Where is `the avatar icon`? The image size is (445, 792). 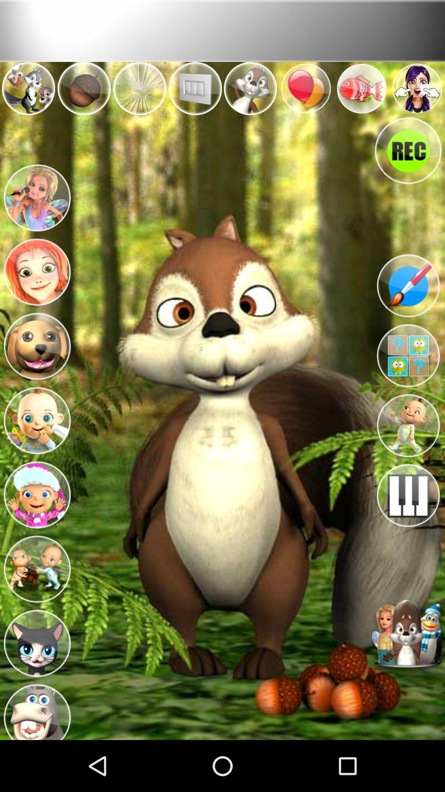
the avatar icon is located at coordinates (36, 759).